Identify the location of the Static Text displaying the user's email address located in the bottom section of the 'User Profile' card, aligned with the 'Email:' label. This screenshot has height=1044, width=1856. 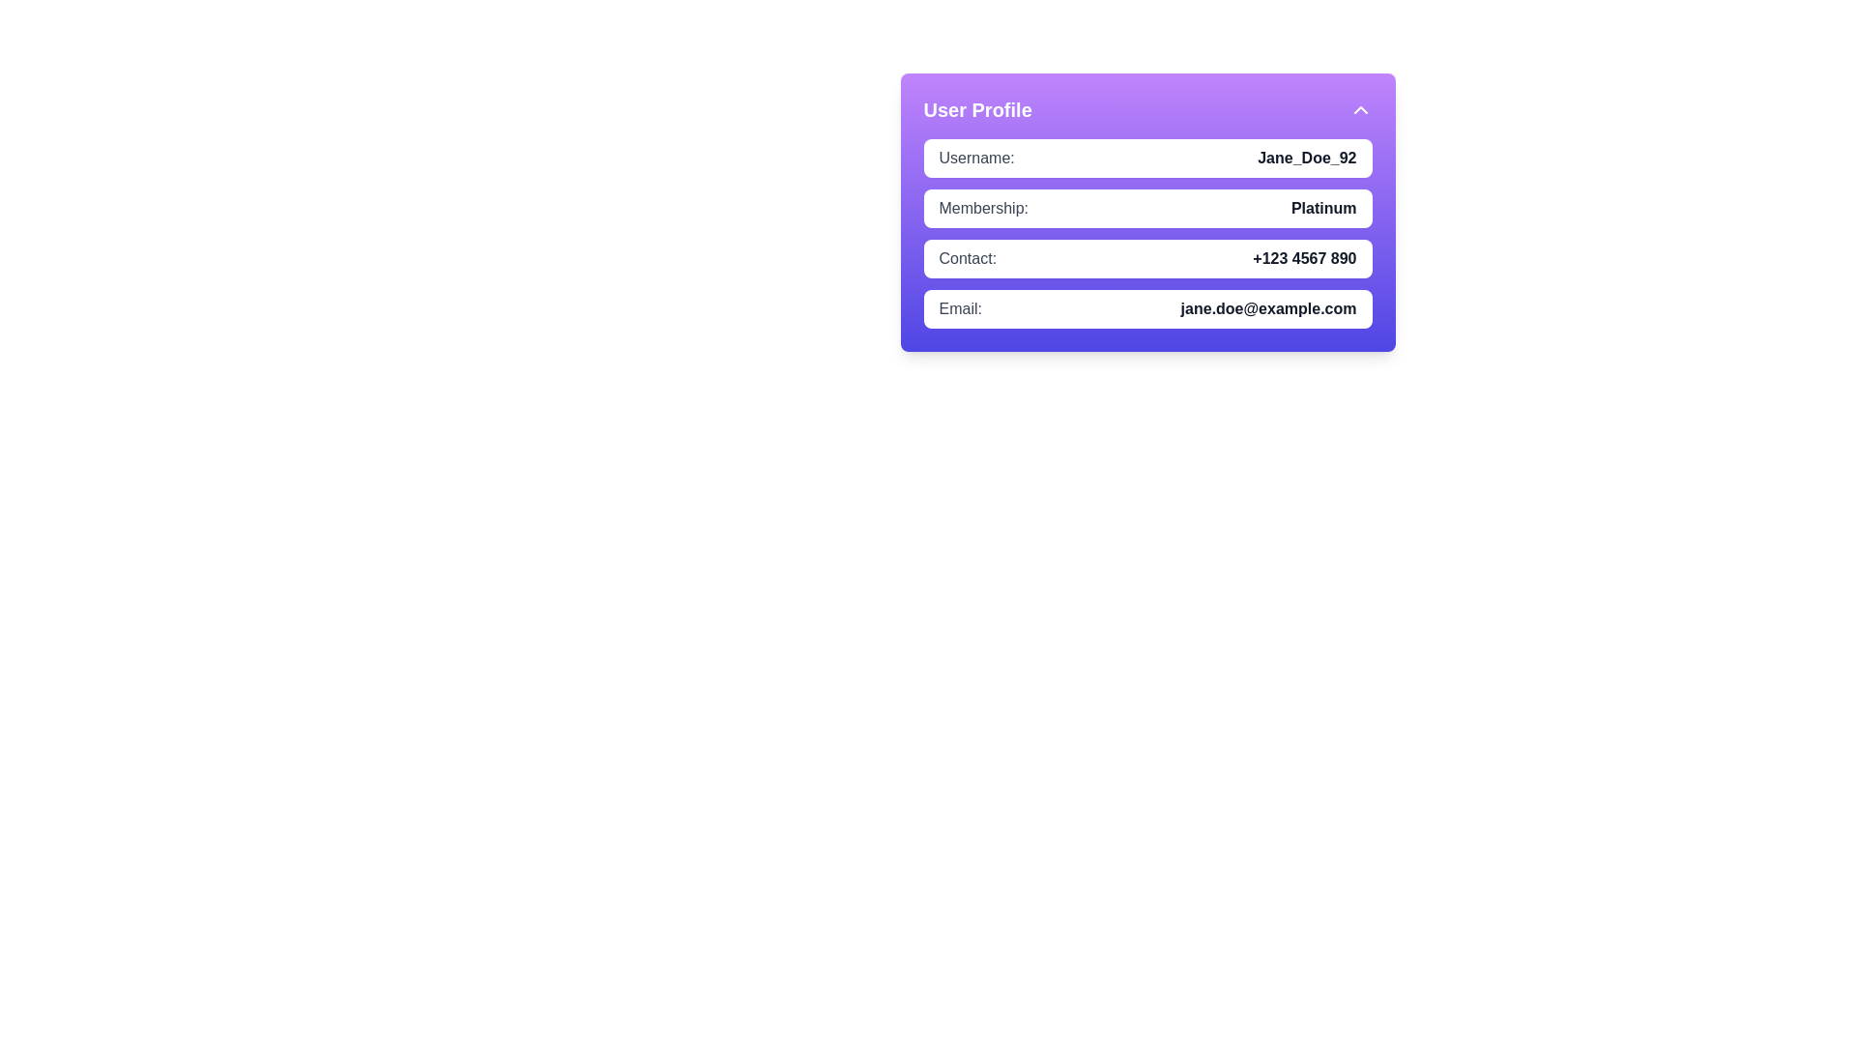
(1268, 308).